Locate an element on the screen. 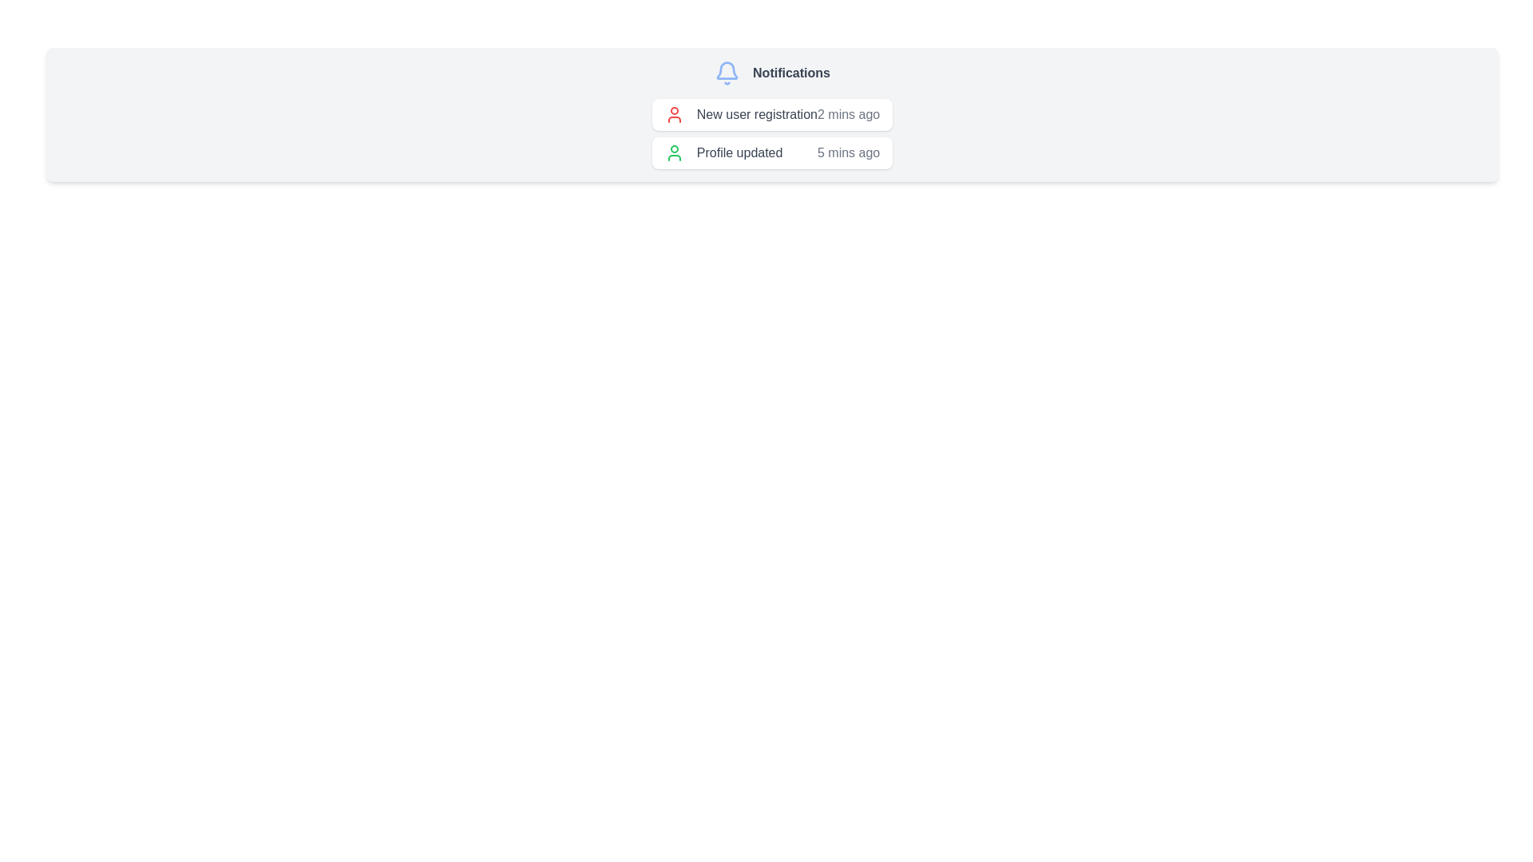 The image size is (1533, 862). the notification icon that indicates user-related notifications, located to the left of the 'New user registration' text is located at coordinates (674, 113).